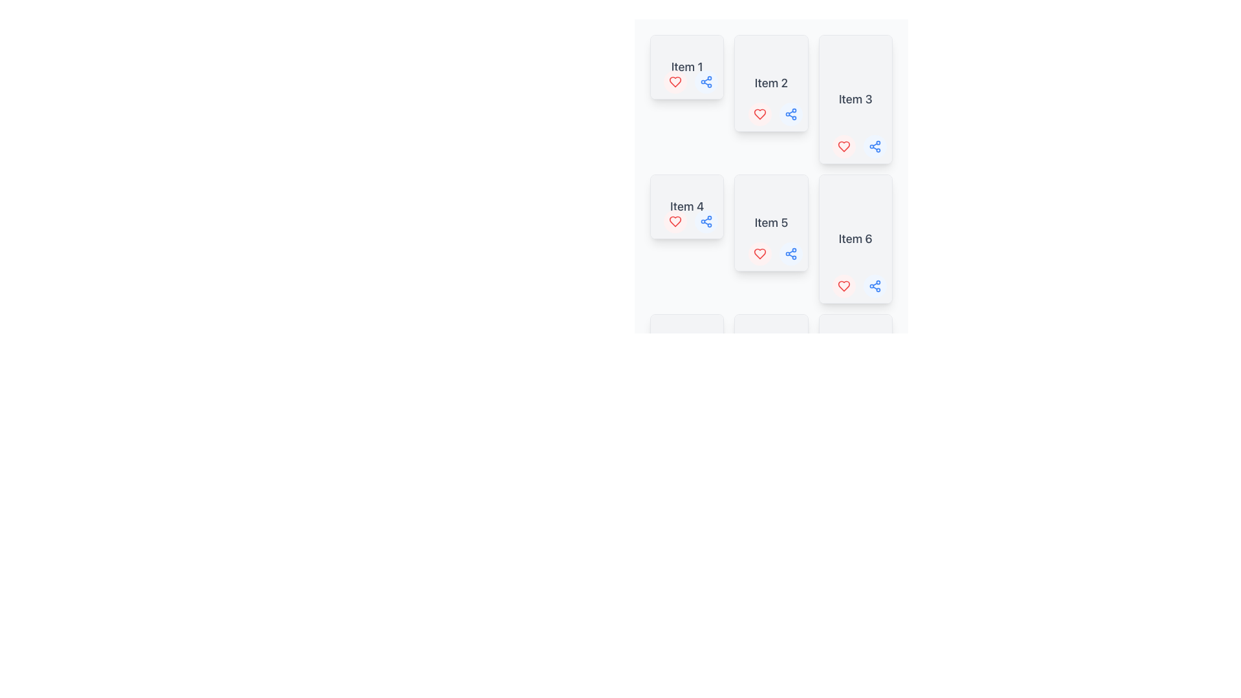 The width and height of the screenshot is (1241, 698). Describe the element at coordinates (875, 286) in the screenshot. I see `the circular blue button with a white share icon located at the bottom-right corner of the 'Item 6' card` at that location.